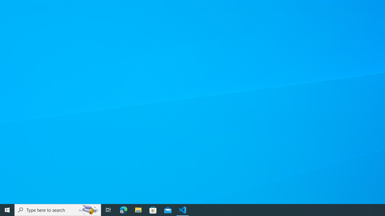 The height and width of the screenshot is (216, 385). I want to click on 'Search highlights icon opens search home window', so click(88, 209).